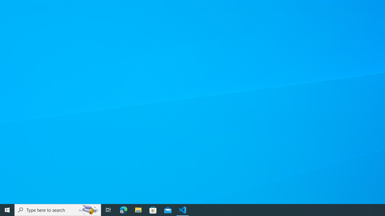 The height and width of the screenshot is (216, 385). I want to click on 'Search highlights icon opens search home window', so click(88, 209).